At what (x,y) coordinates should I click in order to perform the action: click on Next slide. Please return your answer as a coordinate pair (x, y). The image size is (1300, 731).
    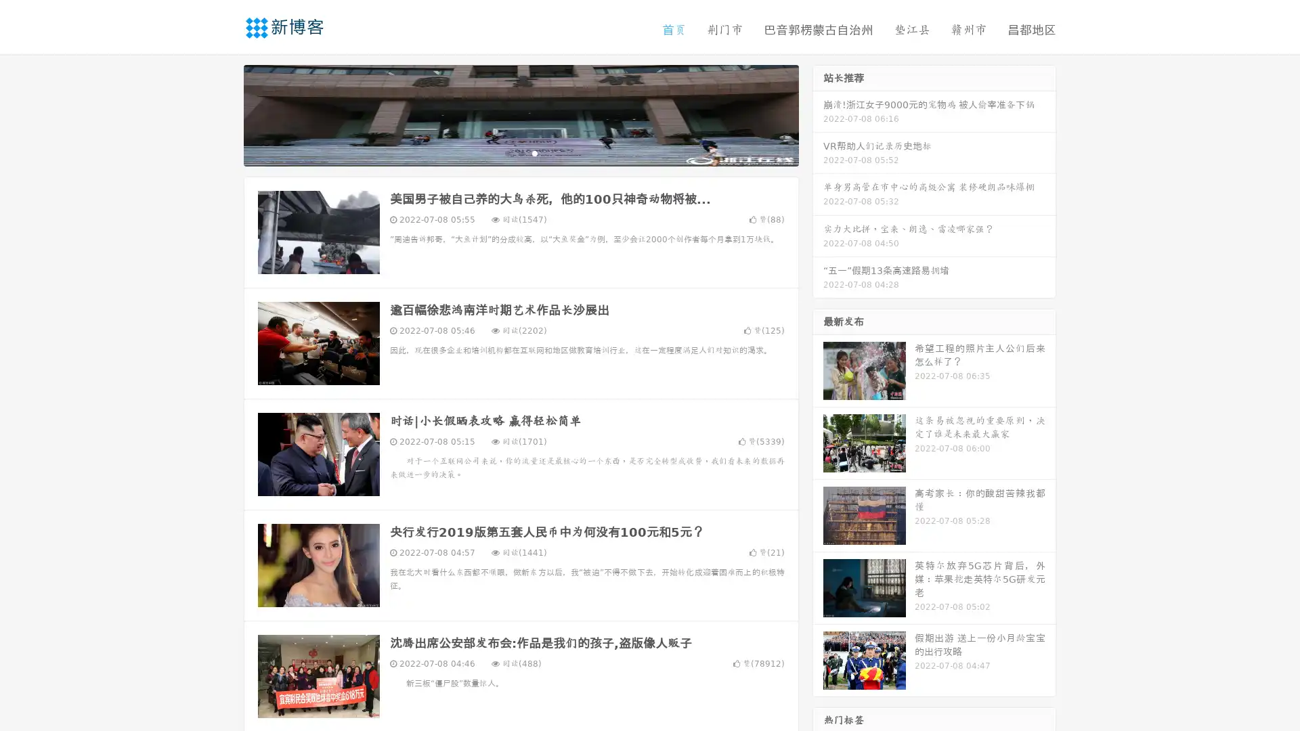
    Looking at the image, I should click on (818, 114).